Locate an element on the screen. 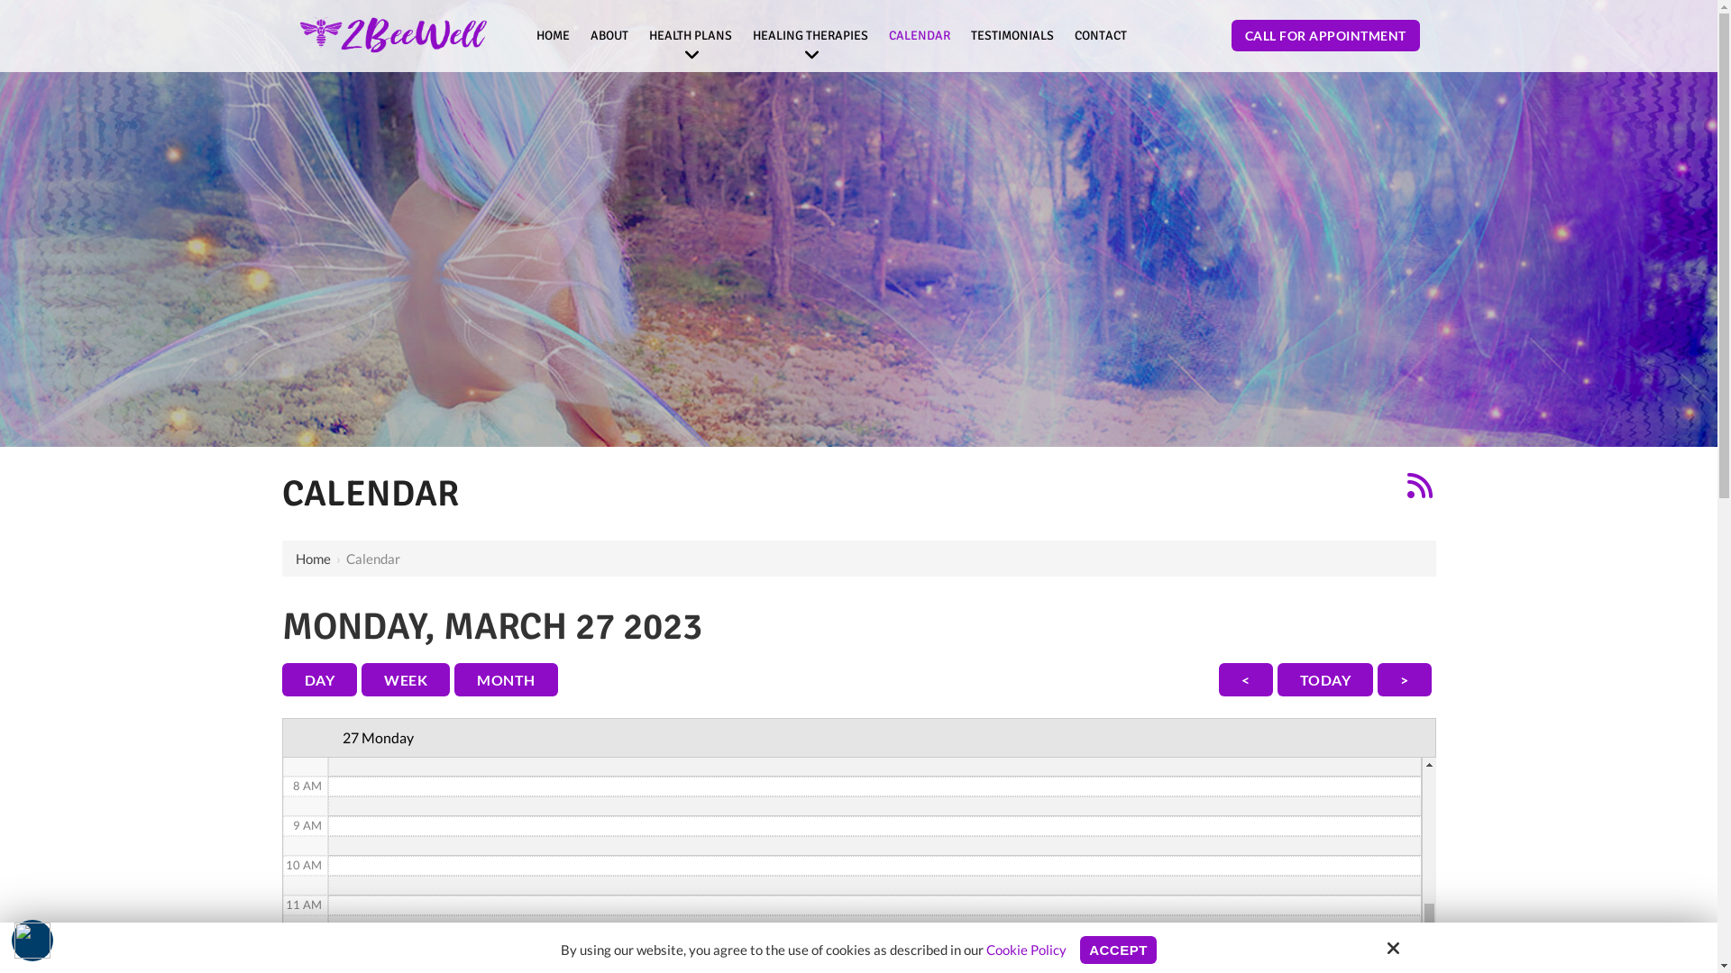 This screenshot has height=973, width=1731. 'Home' is located at coordinates (313, 558).